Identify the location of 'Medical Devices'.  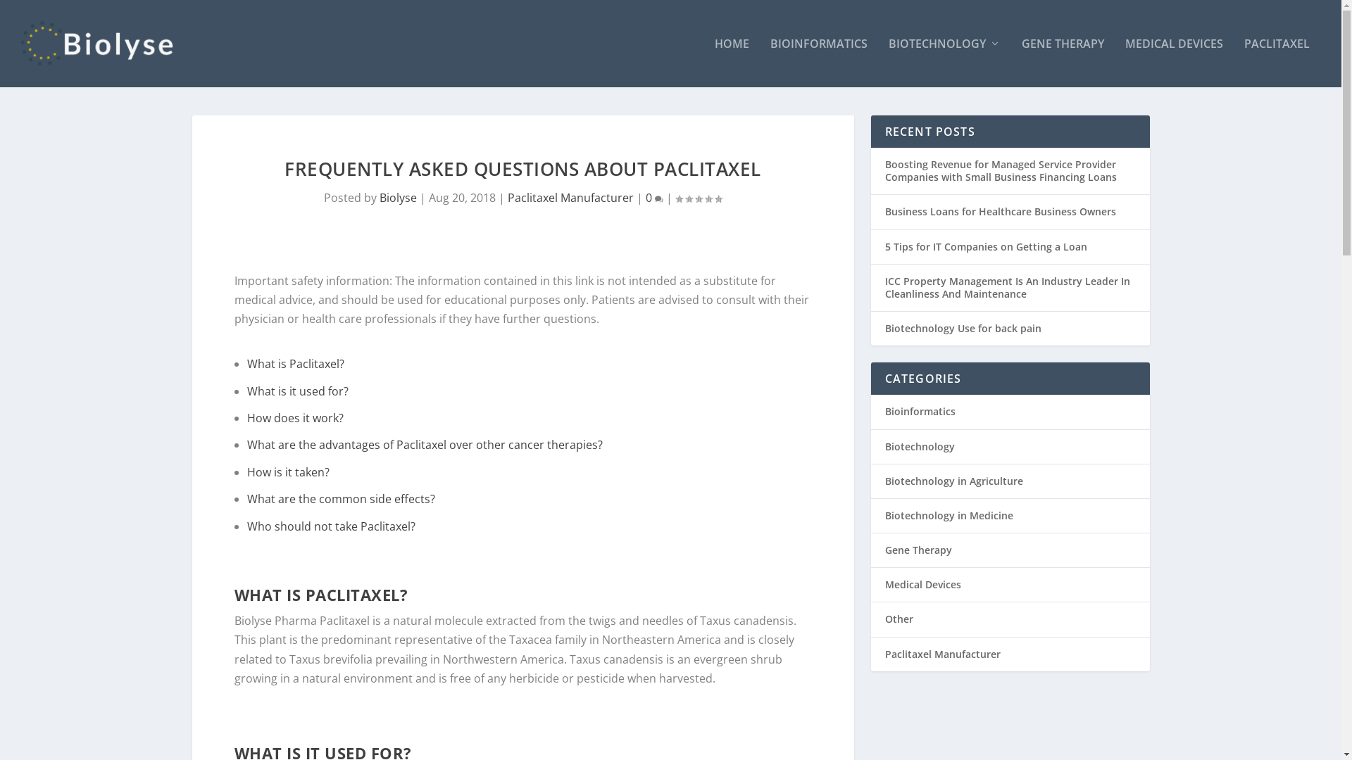
(922, 584).